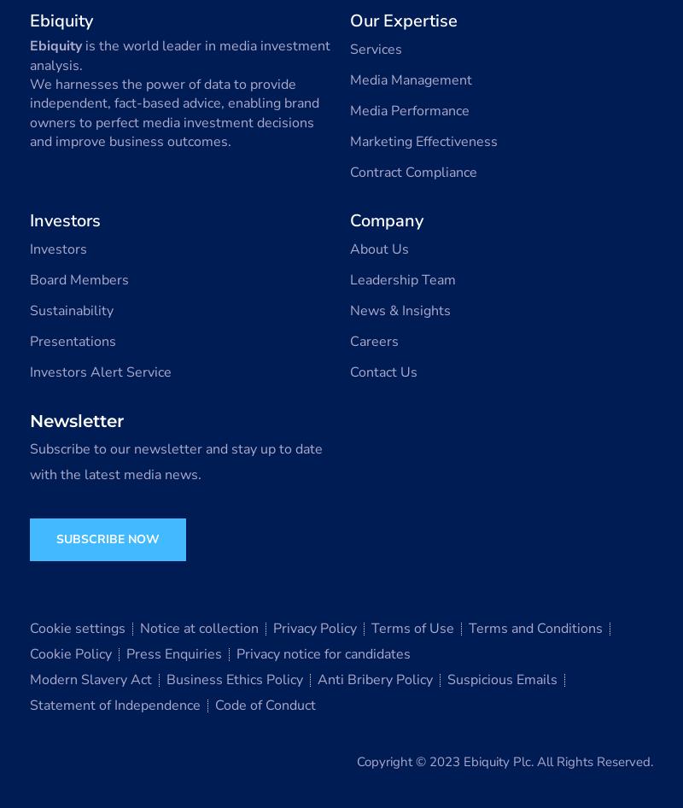 Image resolution: width=683 pixels, height=808 pixels. I want to click on 'Sustainability', so click(72, 311).